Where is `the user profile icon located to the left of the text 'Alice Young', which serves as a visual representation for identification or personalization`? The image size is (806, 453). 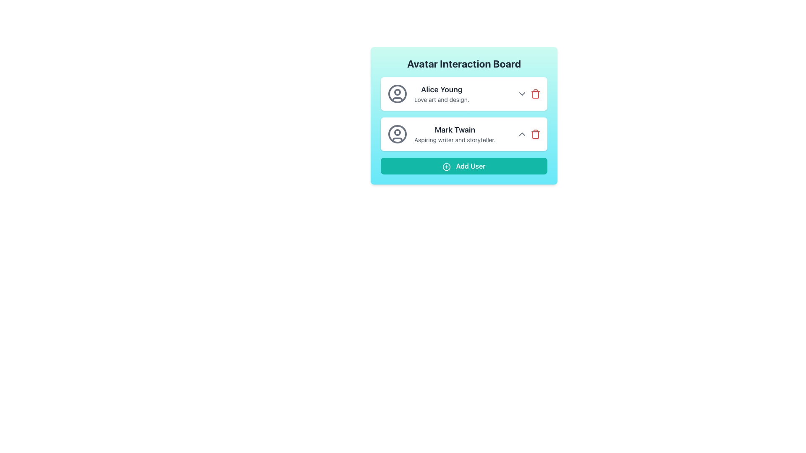 the user profile icon located to the left of the text 'Alice Young', which serves as a visual representation for identification or personalization is located at coordinates (397, 94).